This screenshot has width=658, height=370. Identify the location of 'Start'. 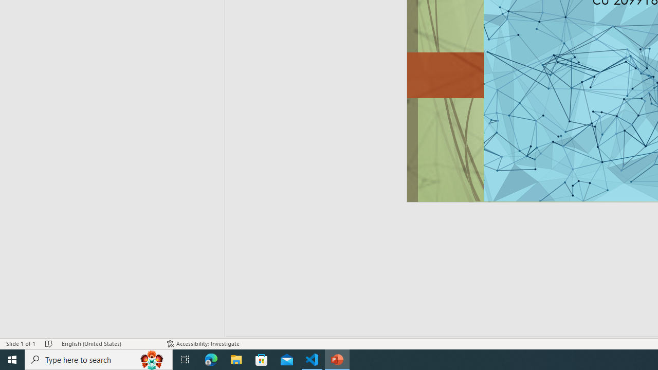
(12, 359).